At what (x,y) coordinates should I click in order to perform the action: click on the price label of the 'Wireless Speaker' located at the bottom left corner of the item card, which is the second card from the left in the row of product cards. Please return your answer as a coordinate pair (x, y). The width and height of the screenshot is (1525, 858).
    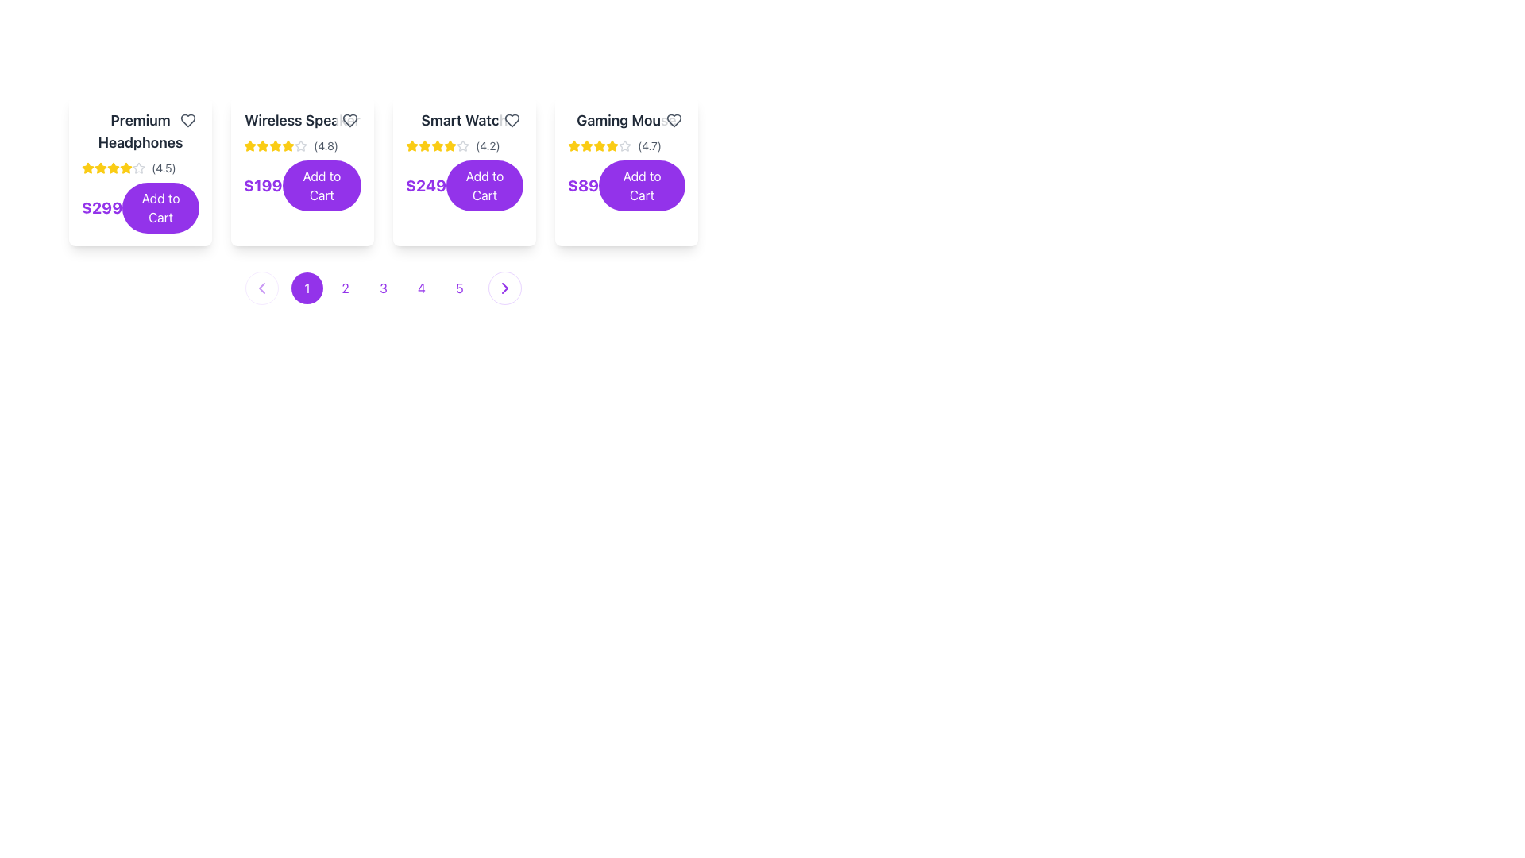
    Looking at the image, I should click on (263, 185).